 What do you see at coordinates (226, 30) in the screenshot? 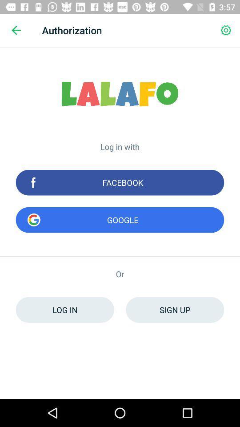
I see `the icon to the right of the authorization` at bounding box center [226, 30].